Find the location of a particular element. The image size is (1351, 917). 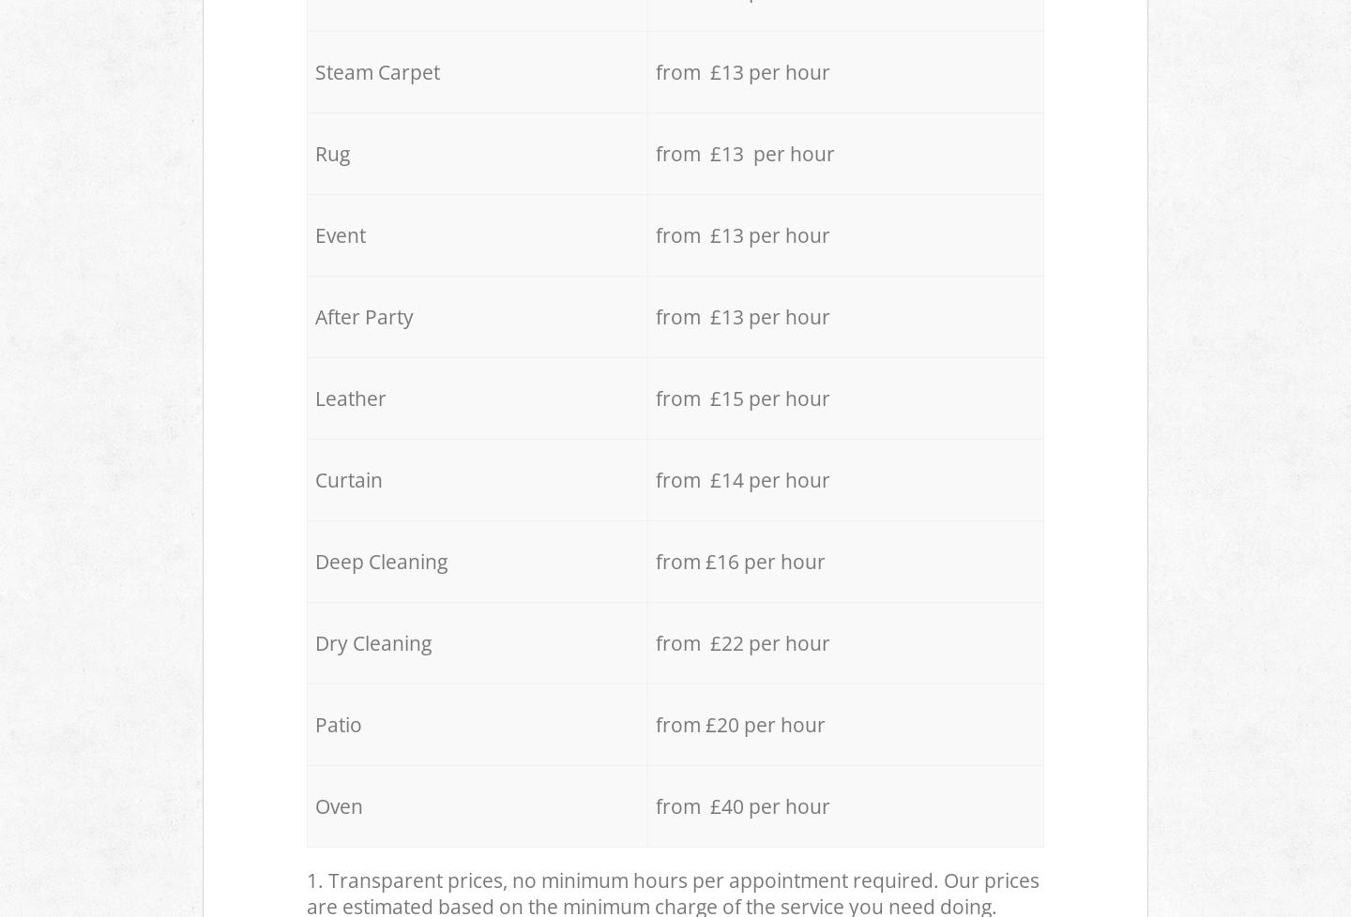

'from  £40 per hour' is located at coordinates (743, 804).